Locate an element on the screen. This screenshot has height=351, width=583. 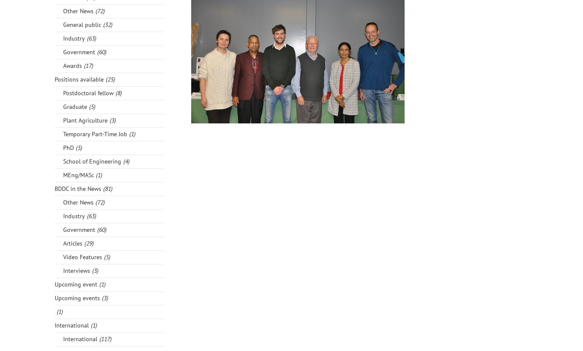
'BDDC in the News' is located at coordinates (77, 188).